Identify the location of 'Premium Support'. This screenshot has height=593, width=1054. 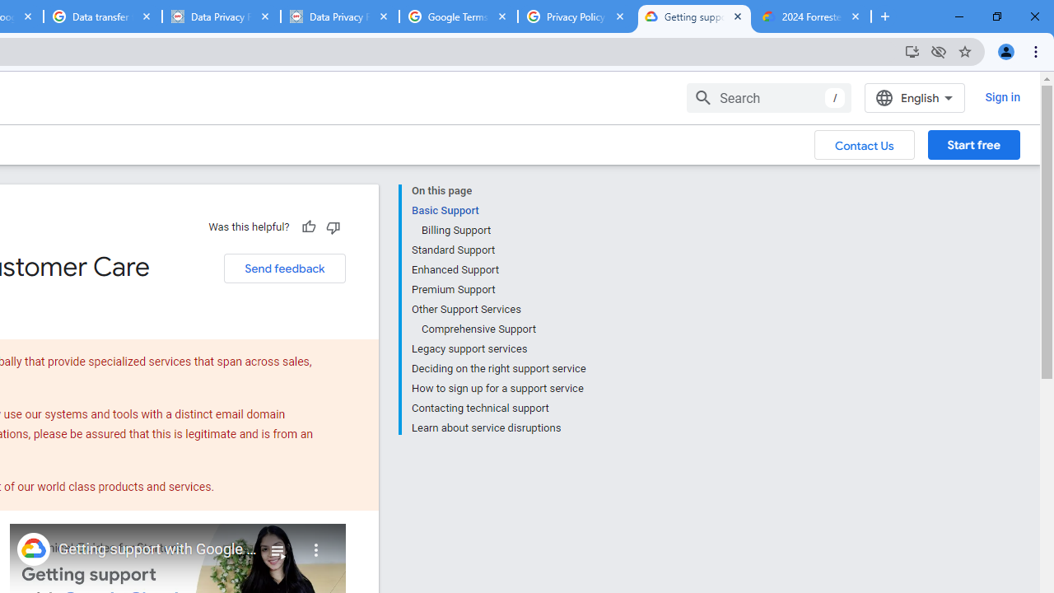
(497, 289).